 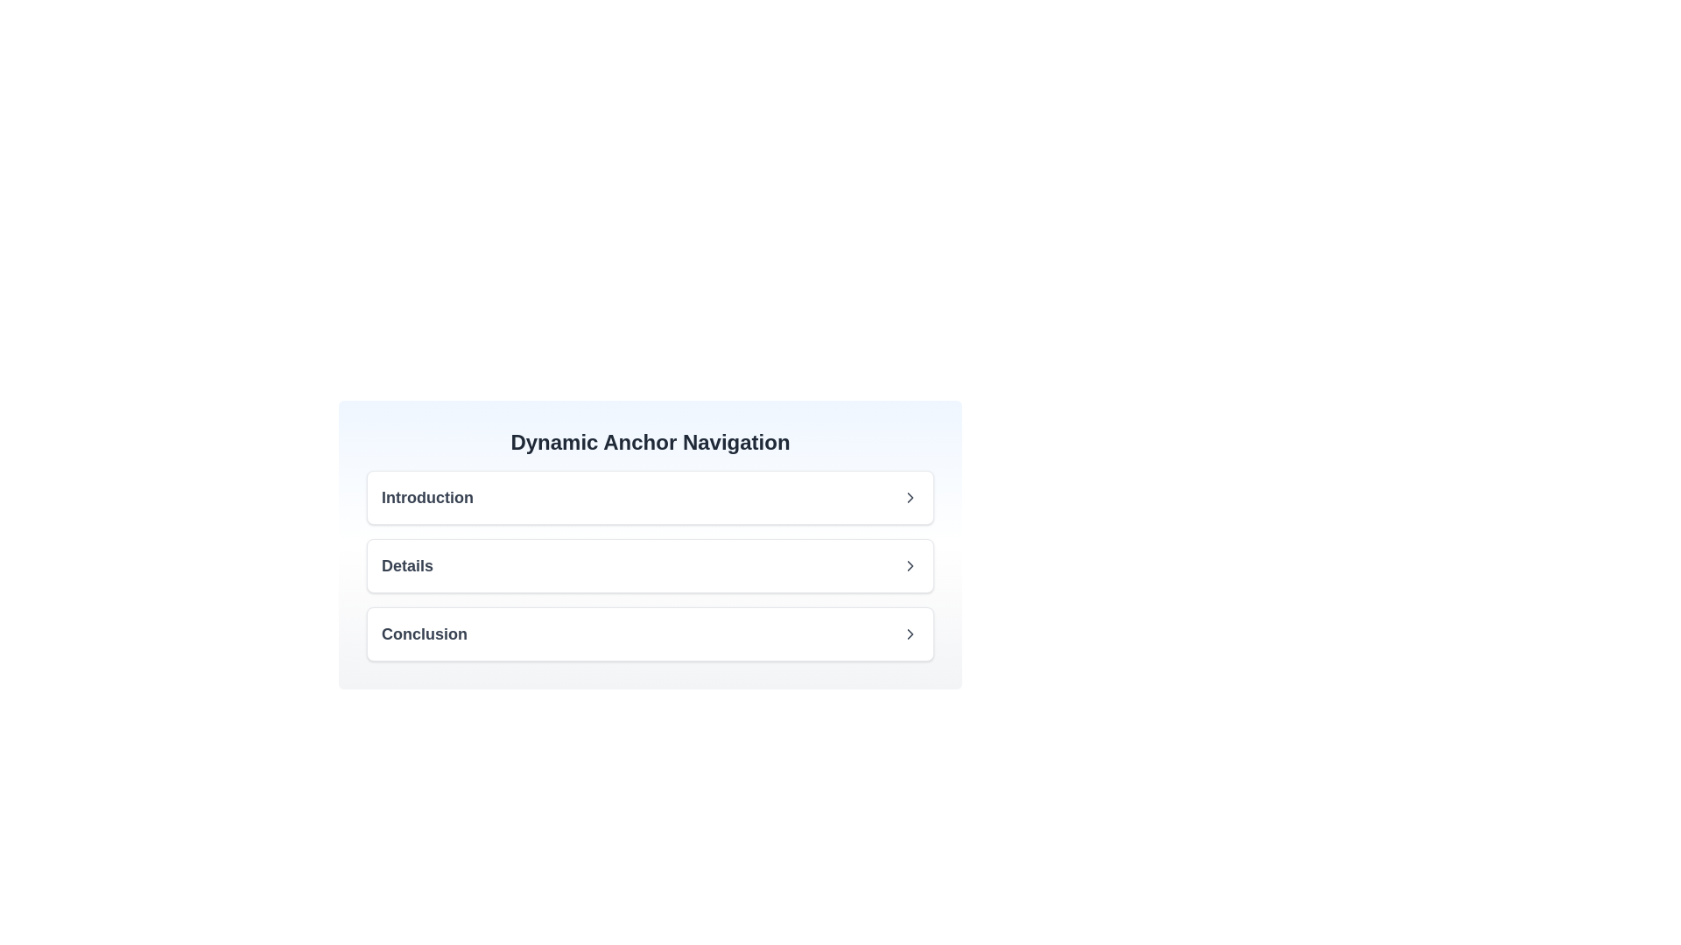 I want to click on the 'Conclusion' button in the vertically stacked navigation menu, so click(x=650, y=634).